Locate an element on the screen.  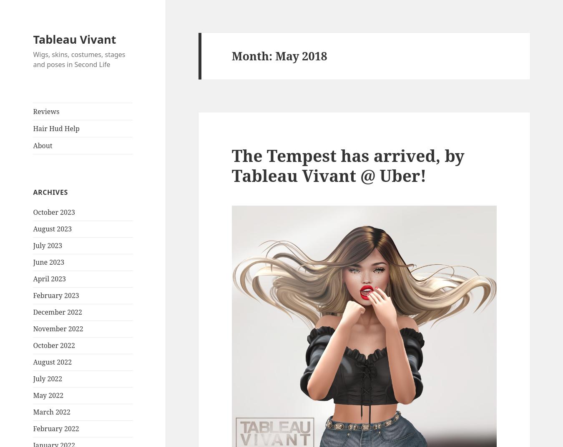
'Hair Hud Help' is located at coordinates (56, 128).